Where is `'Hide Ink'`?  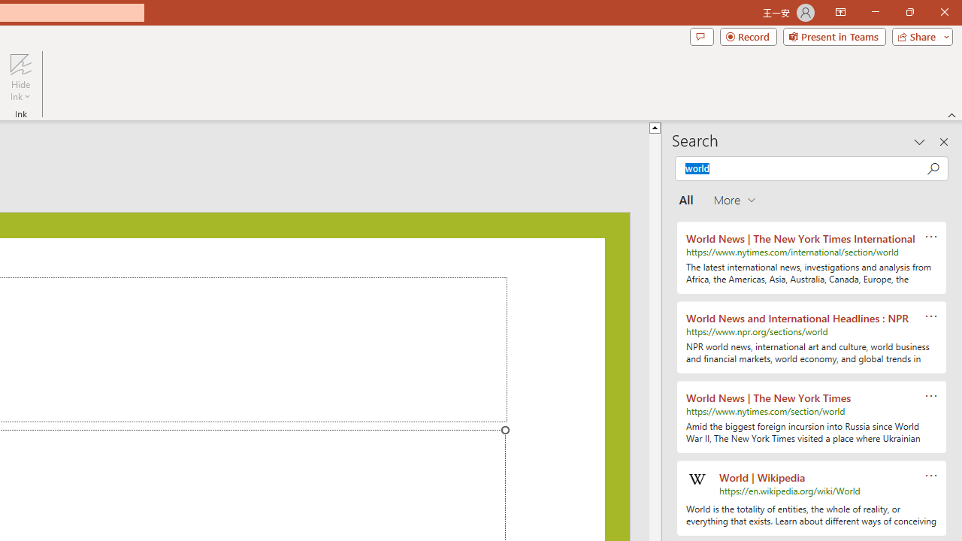
'Hide Ink' is located at coordinates (20, 77).